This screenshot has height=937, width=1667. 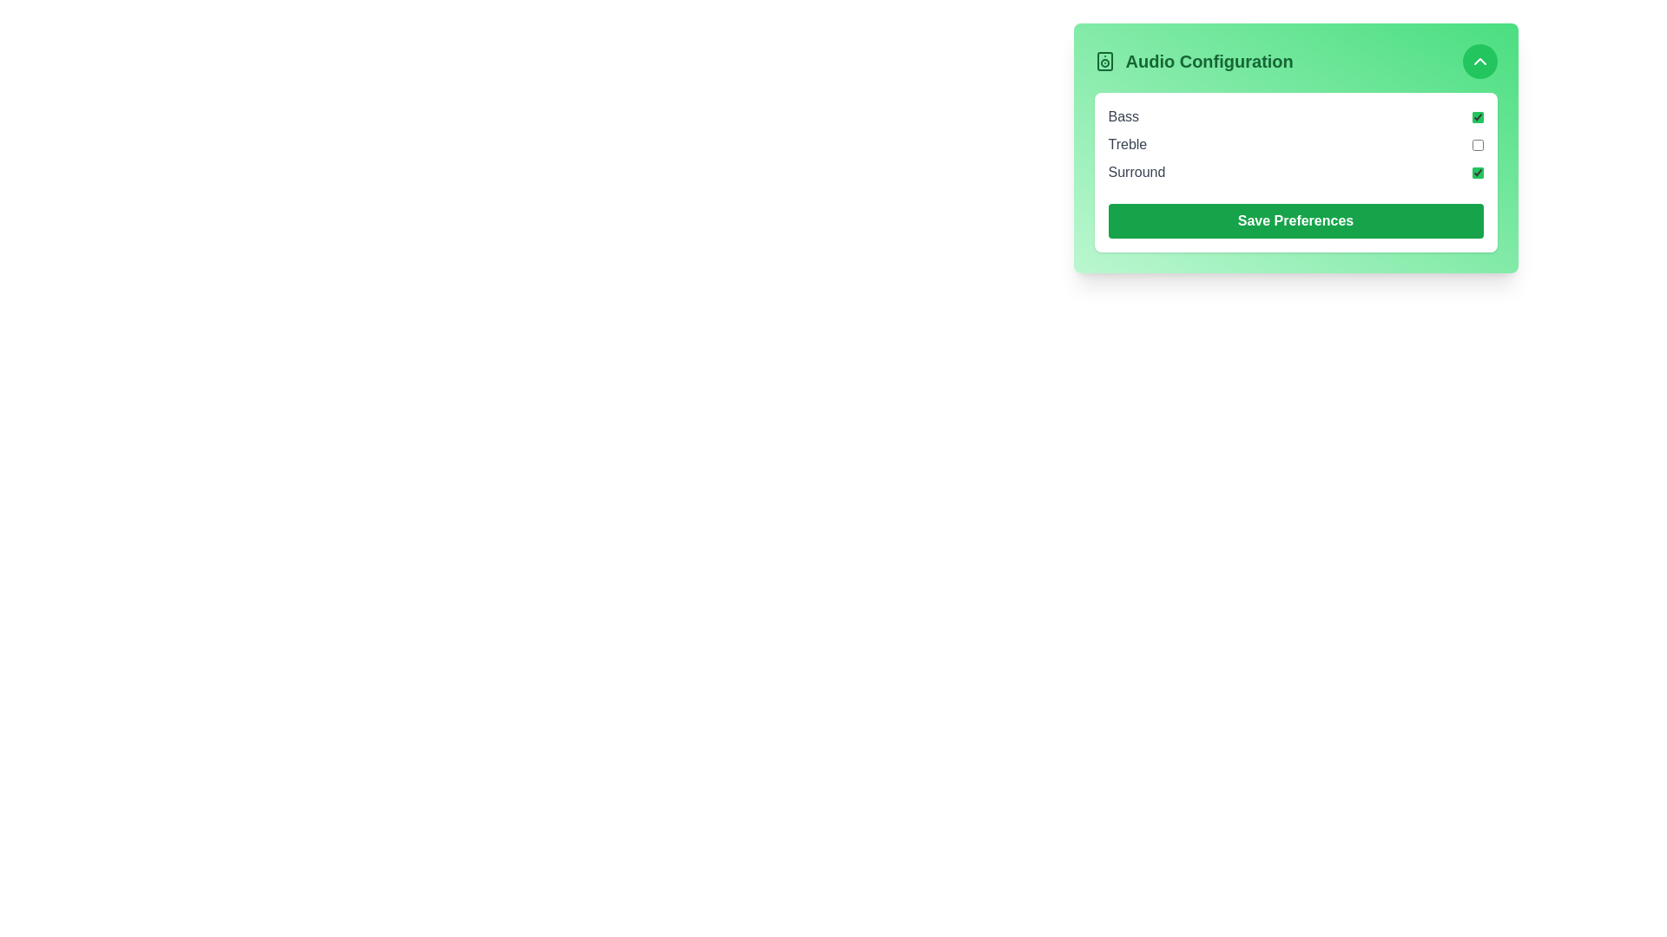 I want to click on the 'Surround' audio feature checkbox located in the bottom row of the 'Audio Configuration' card, so click(x=1477, y=173).